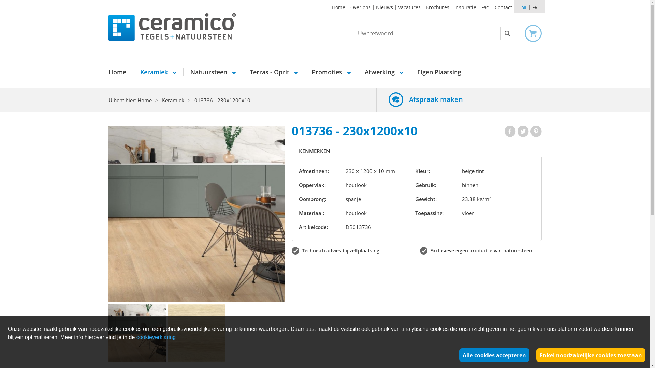 The image size is (655, 368). What do you see at coordinates (439, 72) in the screenshot?
I see `'Eigen Plaatsing'` at bounding box center [439, 72].